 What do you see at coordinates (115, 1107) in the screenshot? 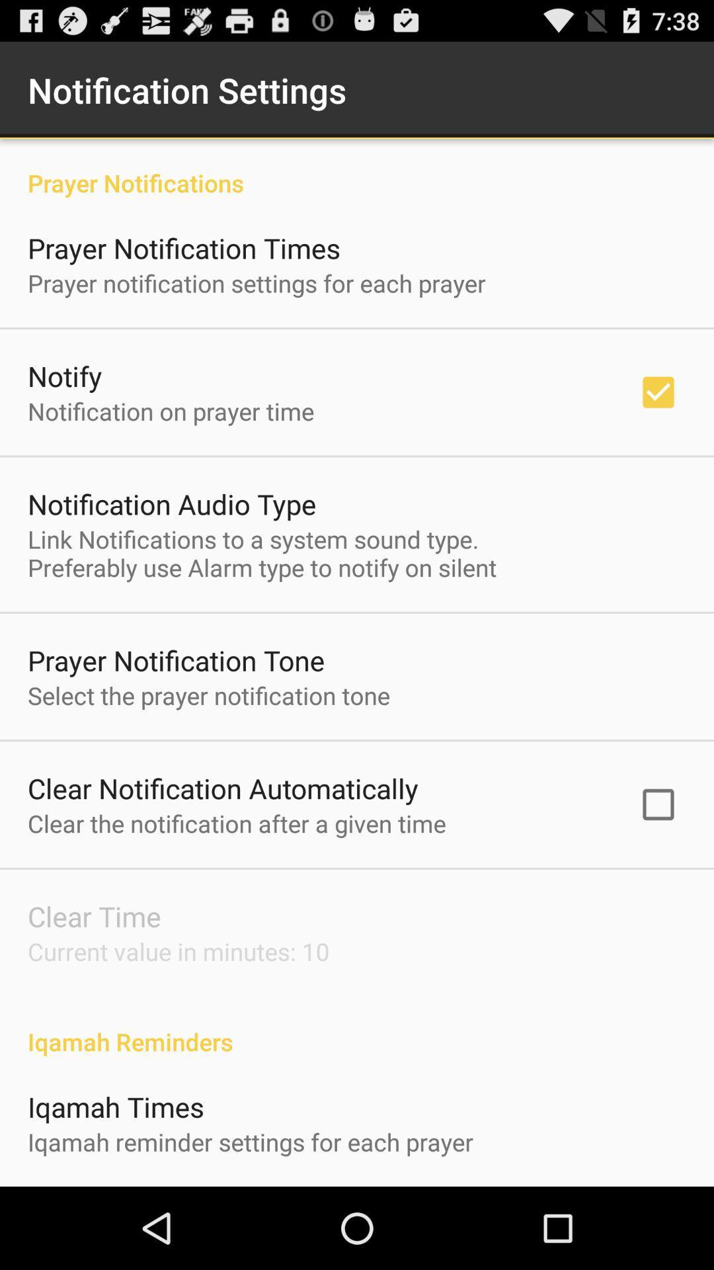
I see `iqamah times icon` at bounding box center [115, 1107].